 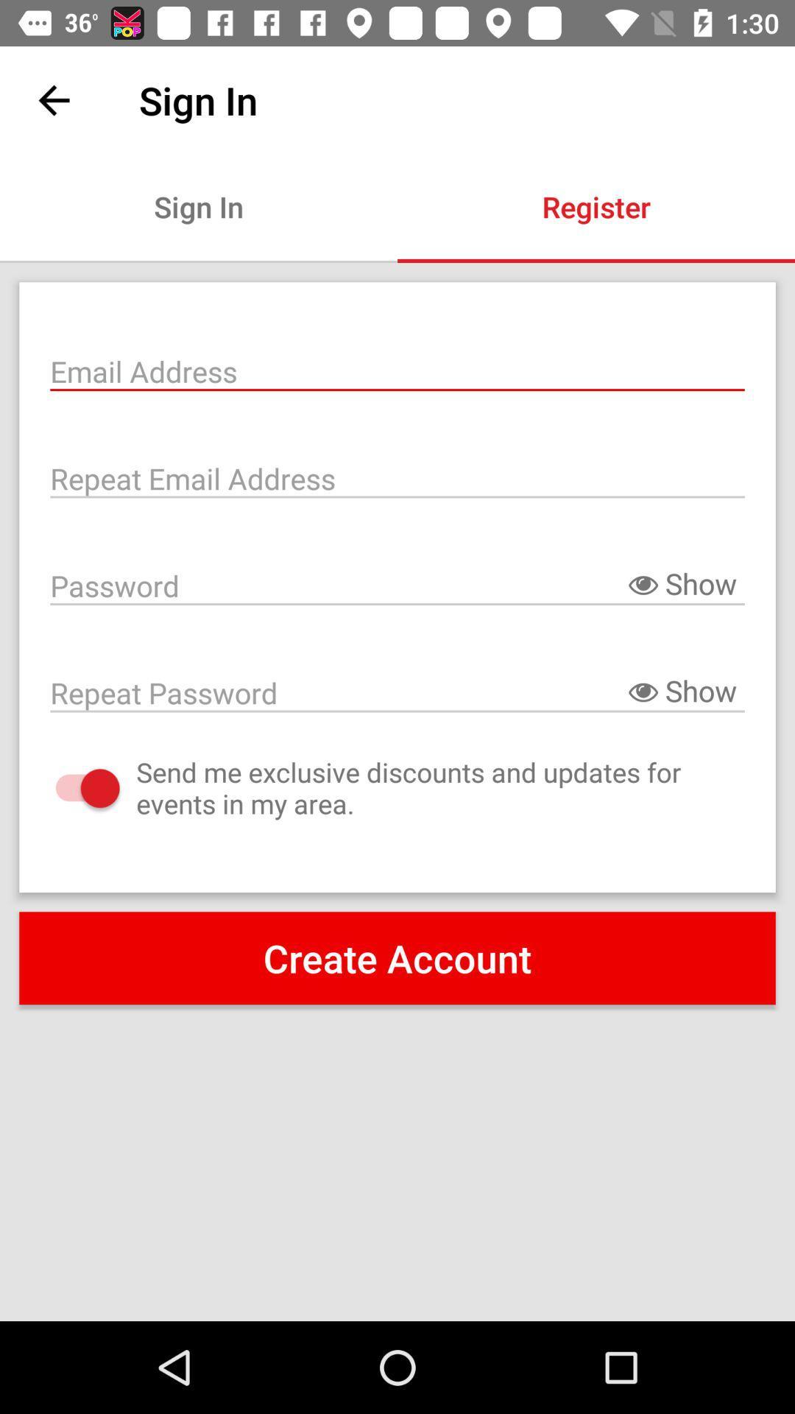 I want to click on place of entered password to visible or not, so click(x=397, y=583).